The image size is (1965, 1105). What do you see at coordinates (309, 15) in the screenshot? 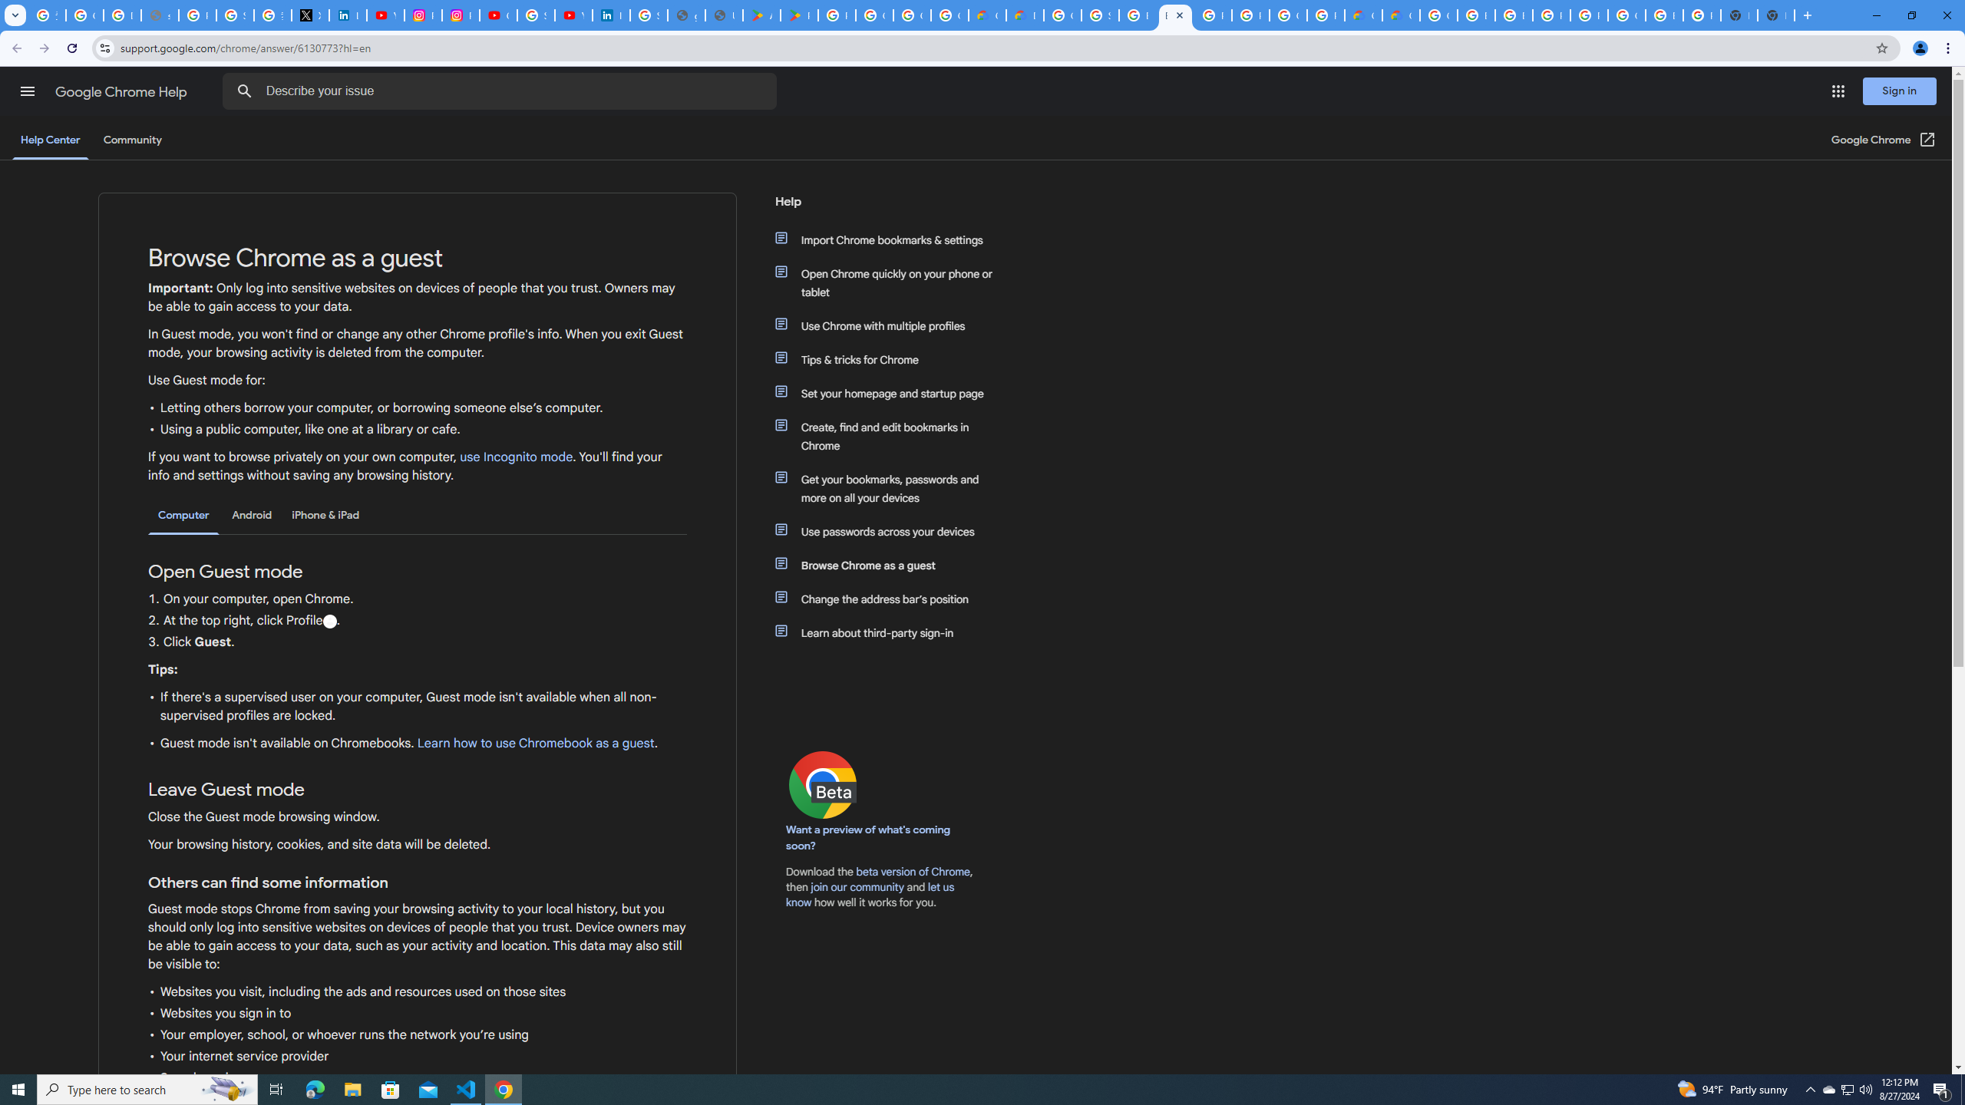
I see `'X'` at bounding box center [309, 15].